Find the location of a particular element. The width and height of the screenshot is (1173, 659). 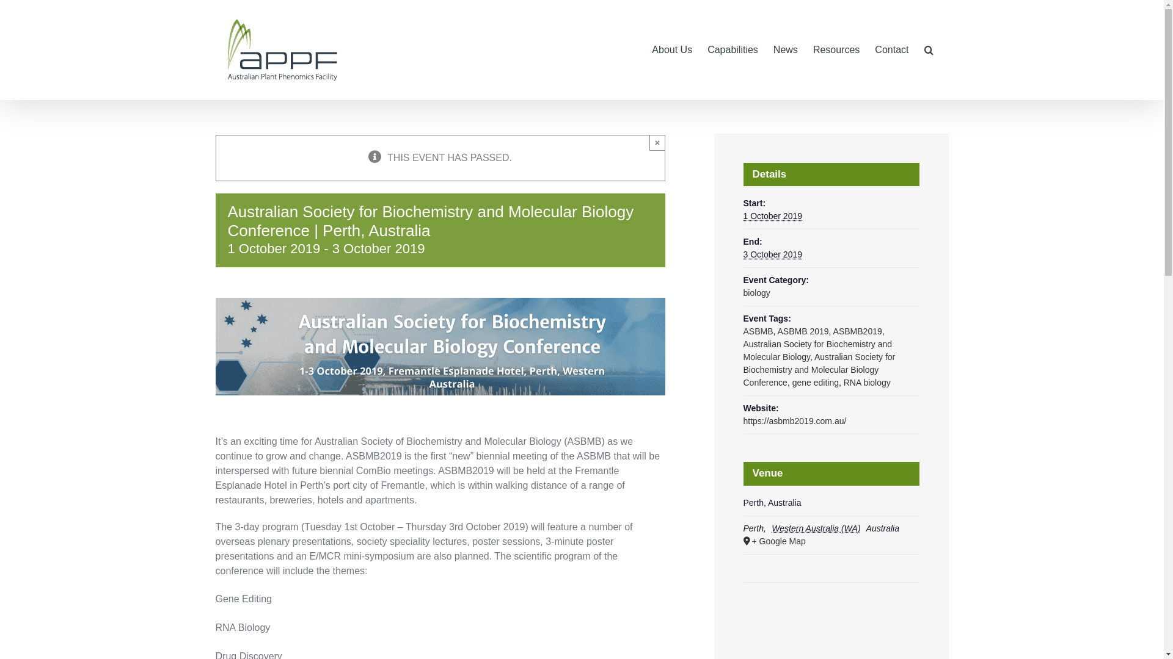

'biology' is located at coordinates (742, 292).